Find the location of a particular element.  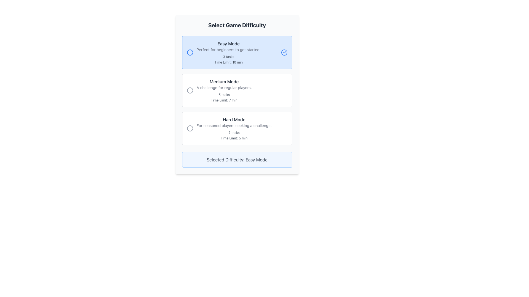

the informational label that provides the time restriction for the 'Hard Mode' task, located below '7 tasks' in the 'Hard Mode' section of the interface is located at coordinates (234, 138).